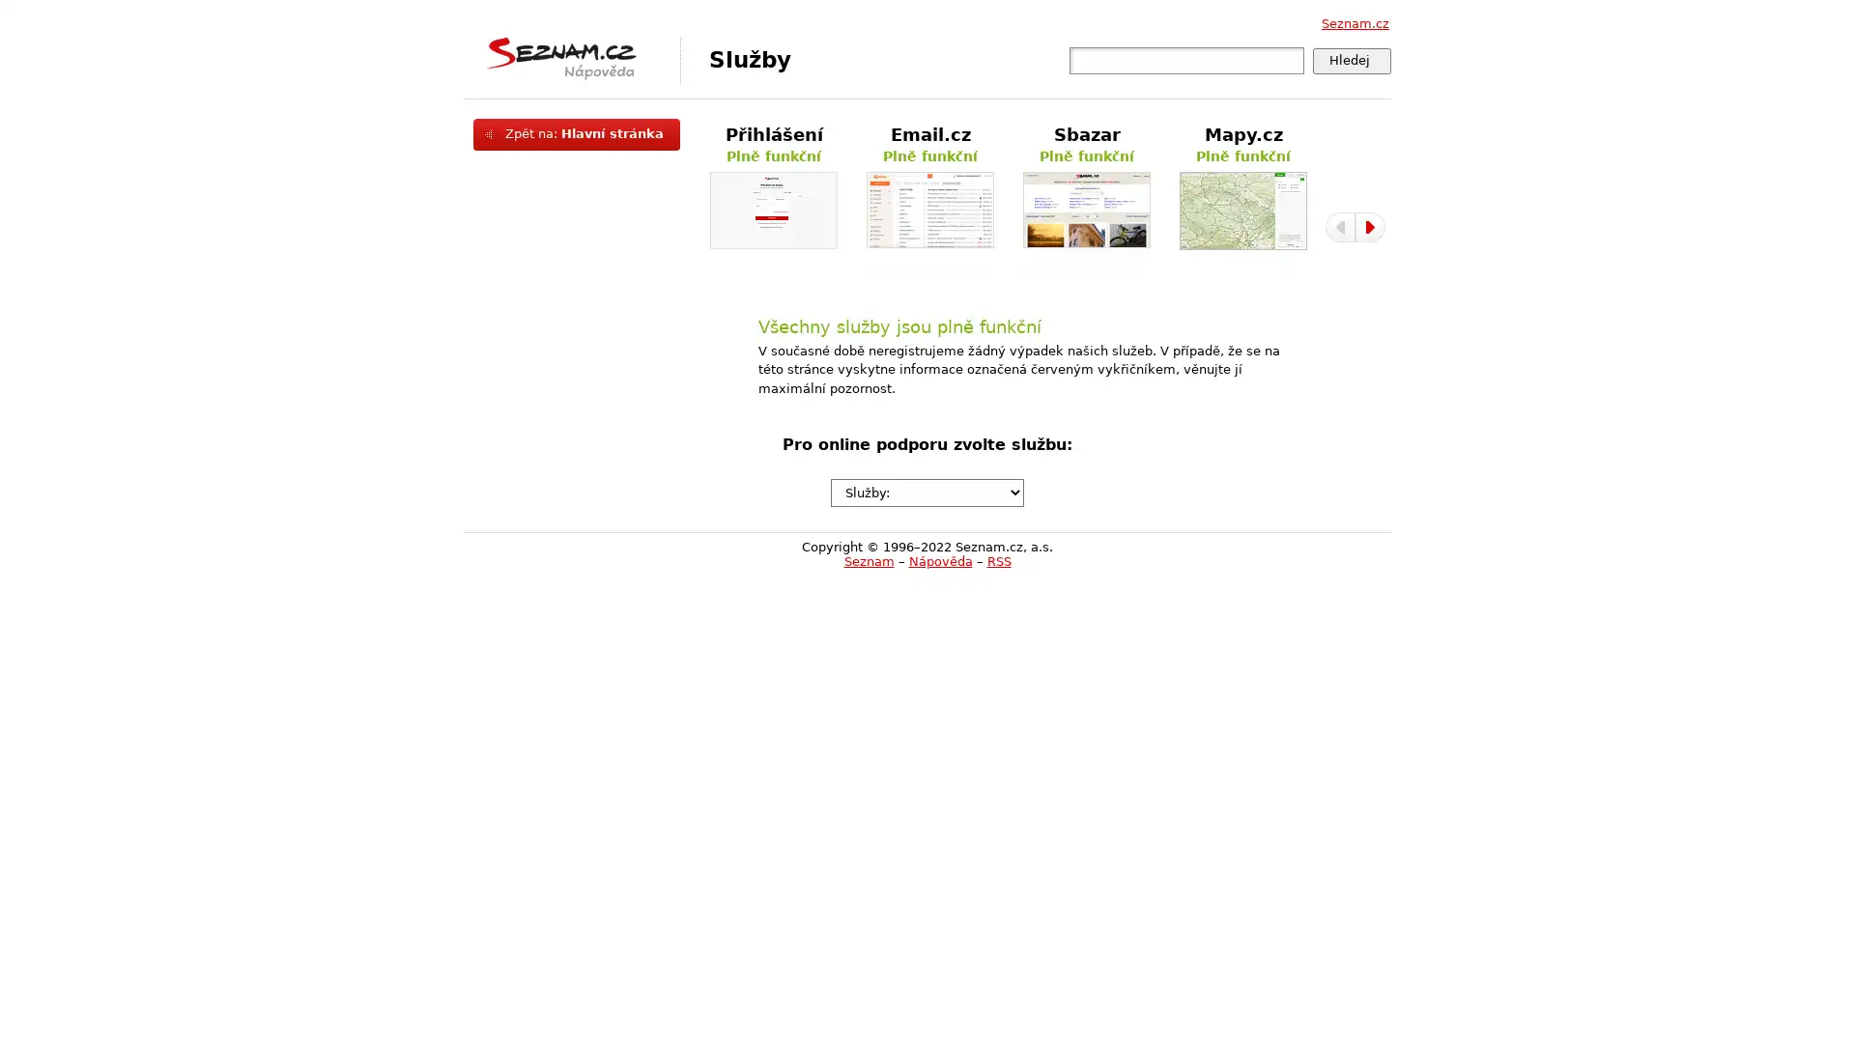  Describe the element at coordinates (1351, 59) in the screenshot. I see `Hledej` at that location.